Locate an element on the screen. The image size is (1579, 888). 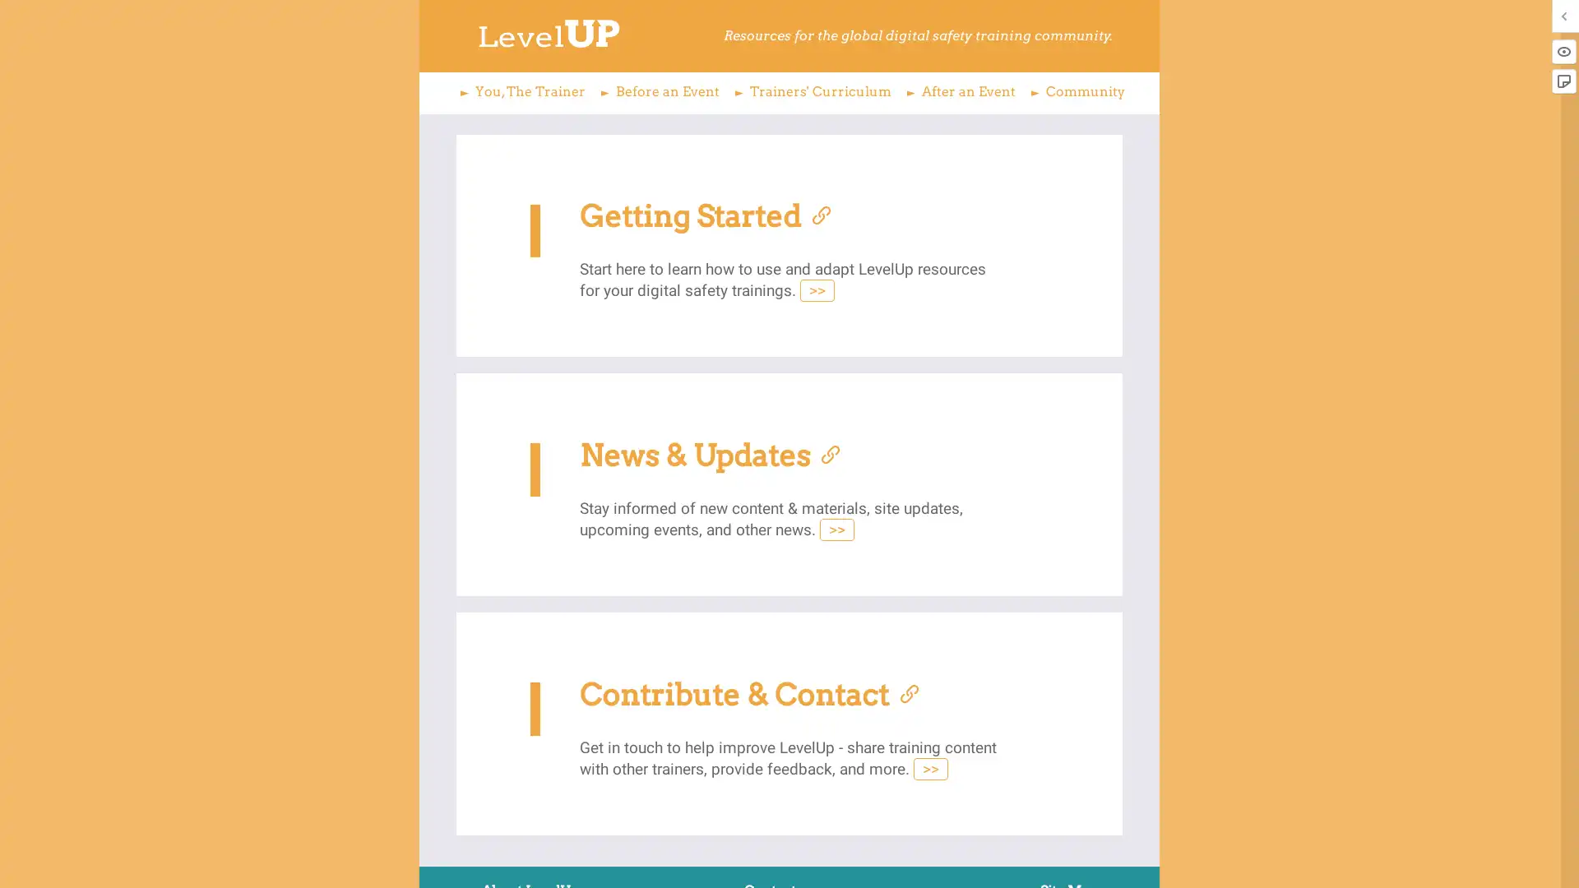
New page note is located at coordinates (1563, 81).